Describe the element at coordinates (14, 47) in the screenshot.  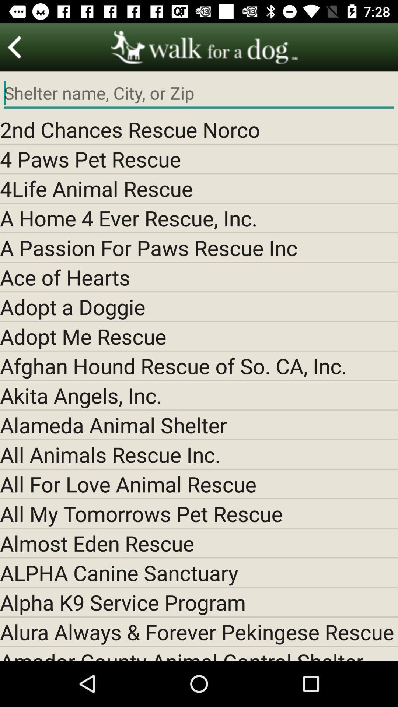
I see `the arrow_backward icon` at that location.